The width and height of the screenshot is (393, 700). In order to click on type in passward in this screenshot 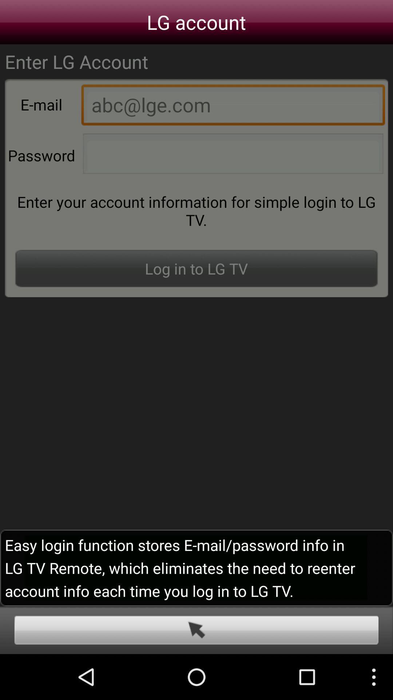, I will do `click(233, 155)`.